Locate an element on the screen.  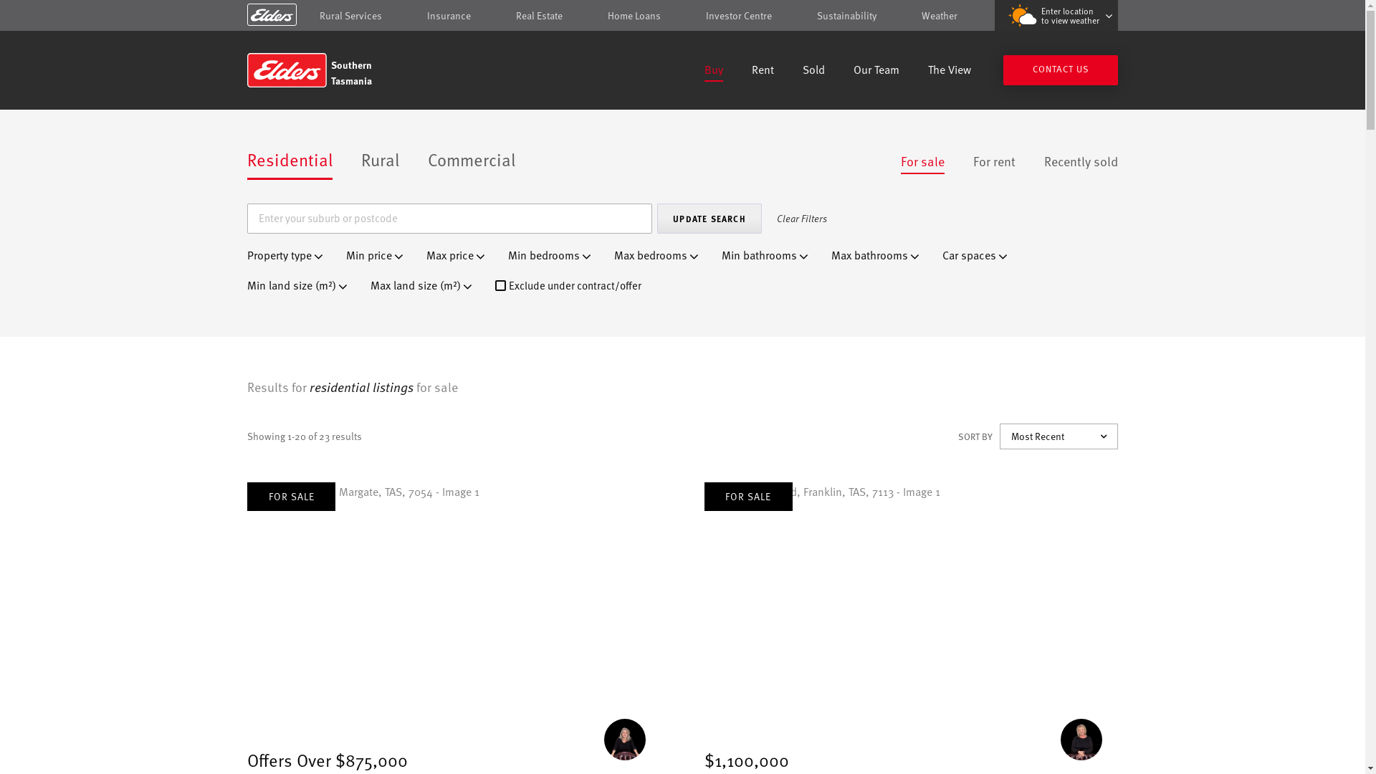
'CONTACT US' is located at coordinates (1060, 70).